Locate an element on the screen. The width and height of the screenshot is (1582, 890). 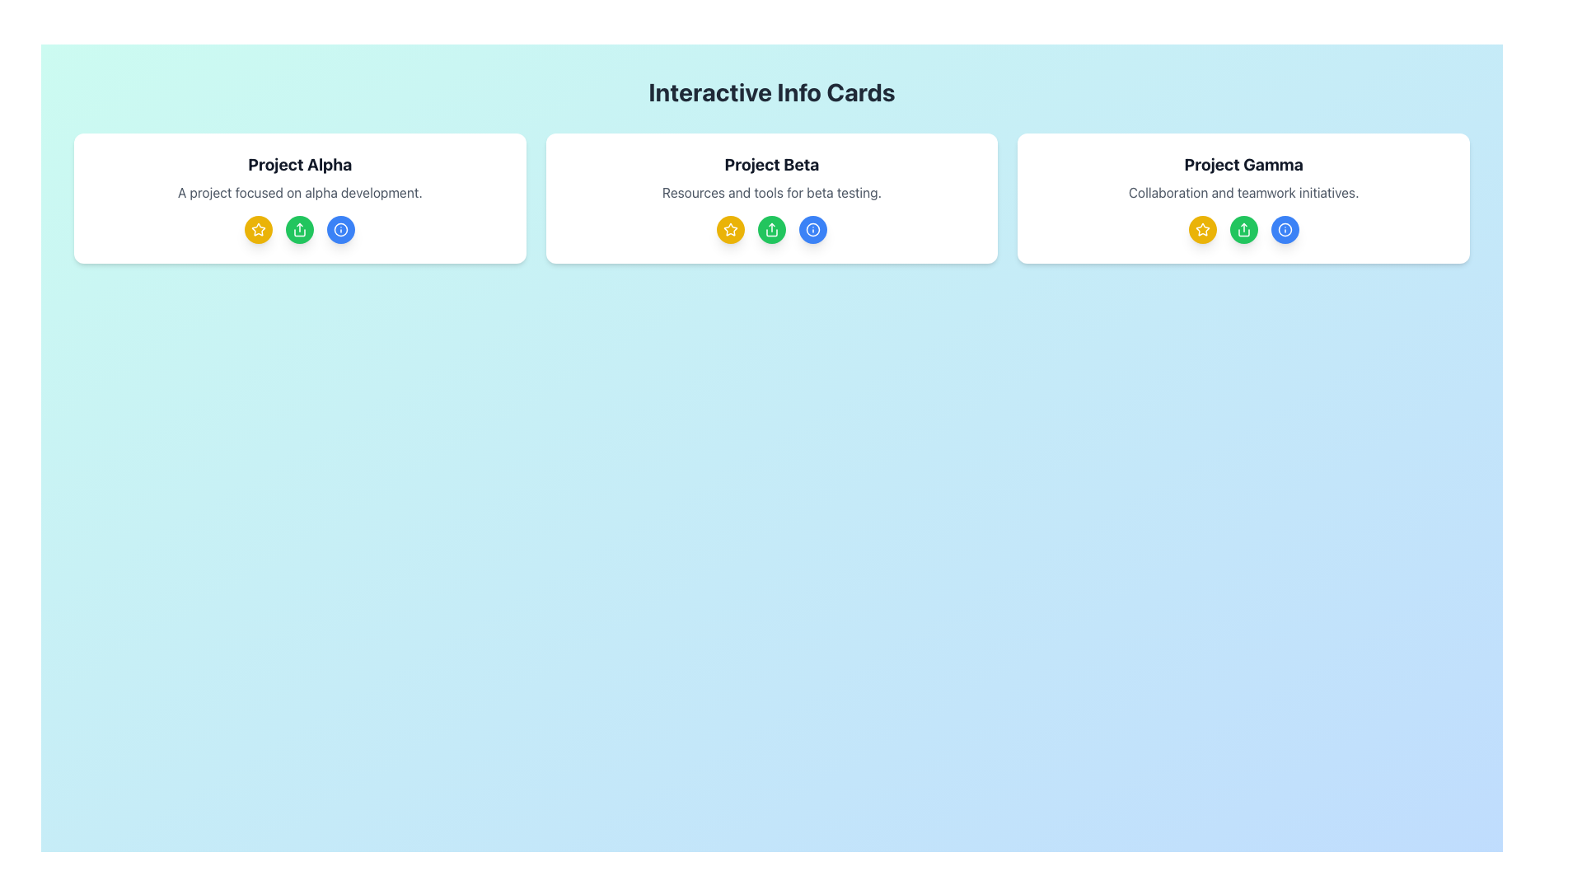
the Share icon button, which is a green circular button with a white background, located in the 'Project Beta' section of the UI card is located at coordinates (770, 229).